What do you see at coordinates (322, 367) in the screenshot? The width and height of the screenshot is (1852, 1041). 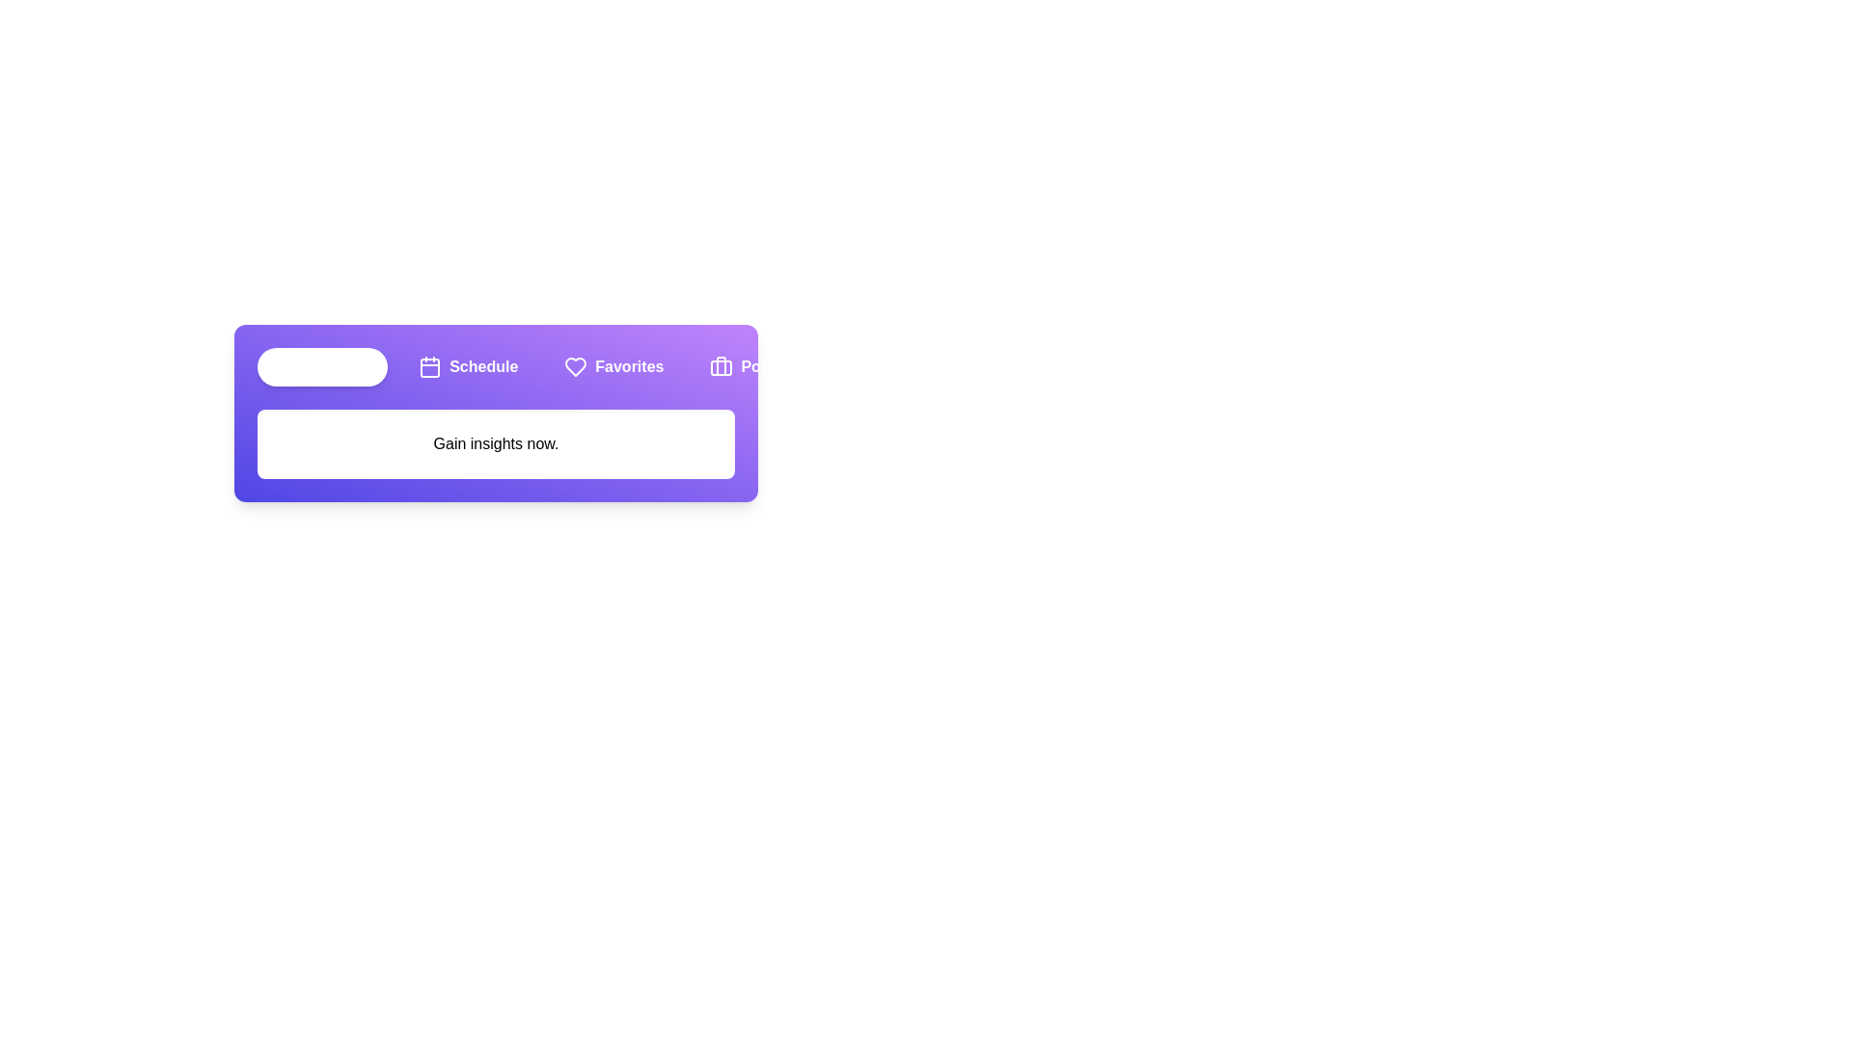 I see `the tab labeled Overview to view its content` at bounding box center [322, 367].